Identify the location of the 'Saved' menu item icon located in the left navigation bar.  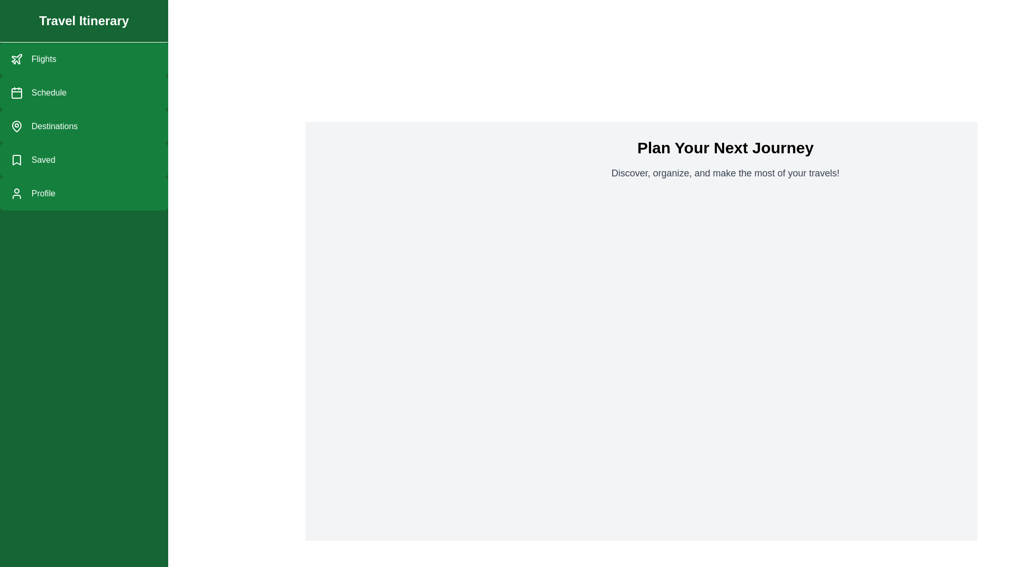
(17, 160).